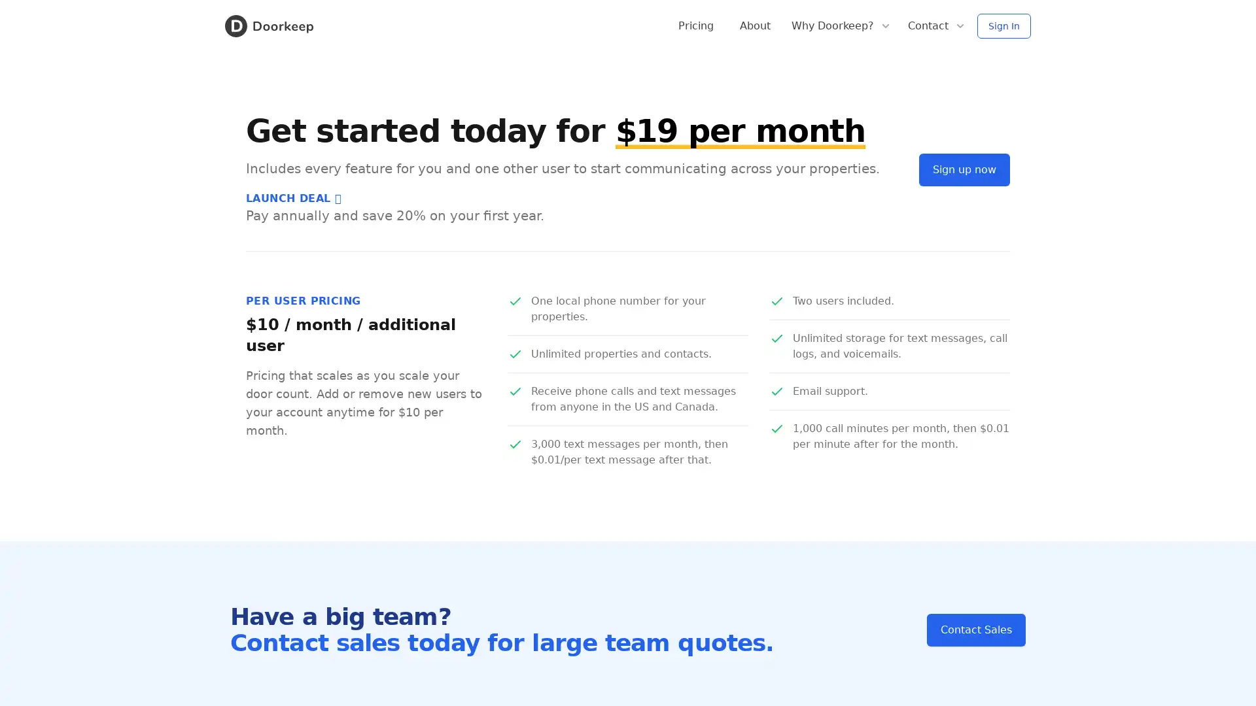  I want to click on Why Doorkeep?, so click(841, 25).